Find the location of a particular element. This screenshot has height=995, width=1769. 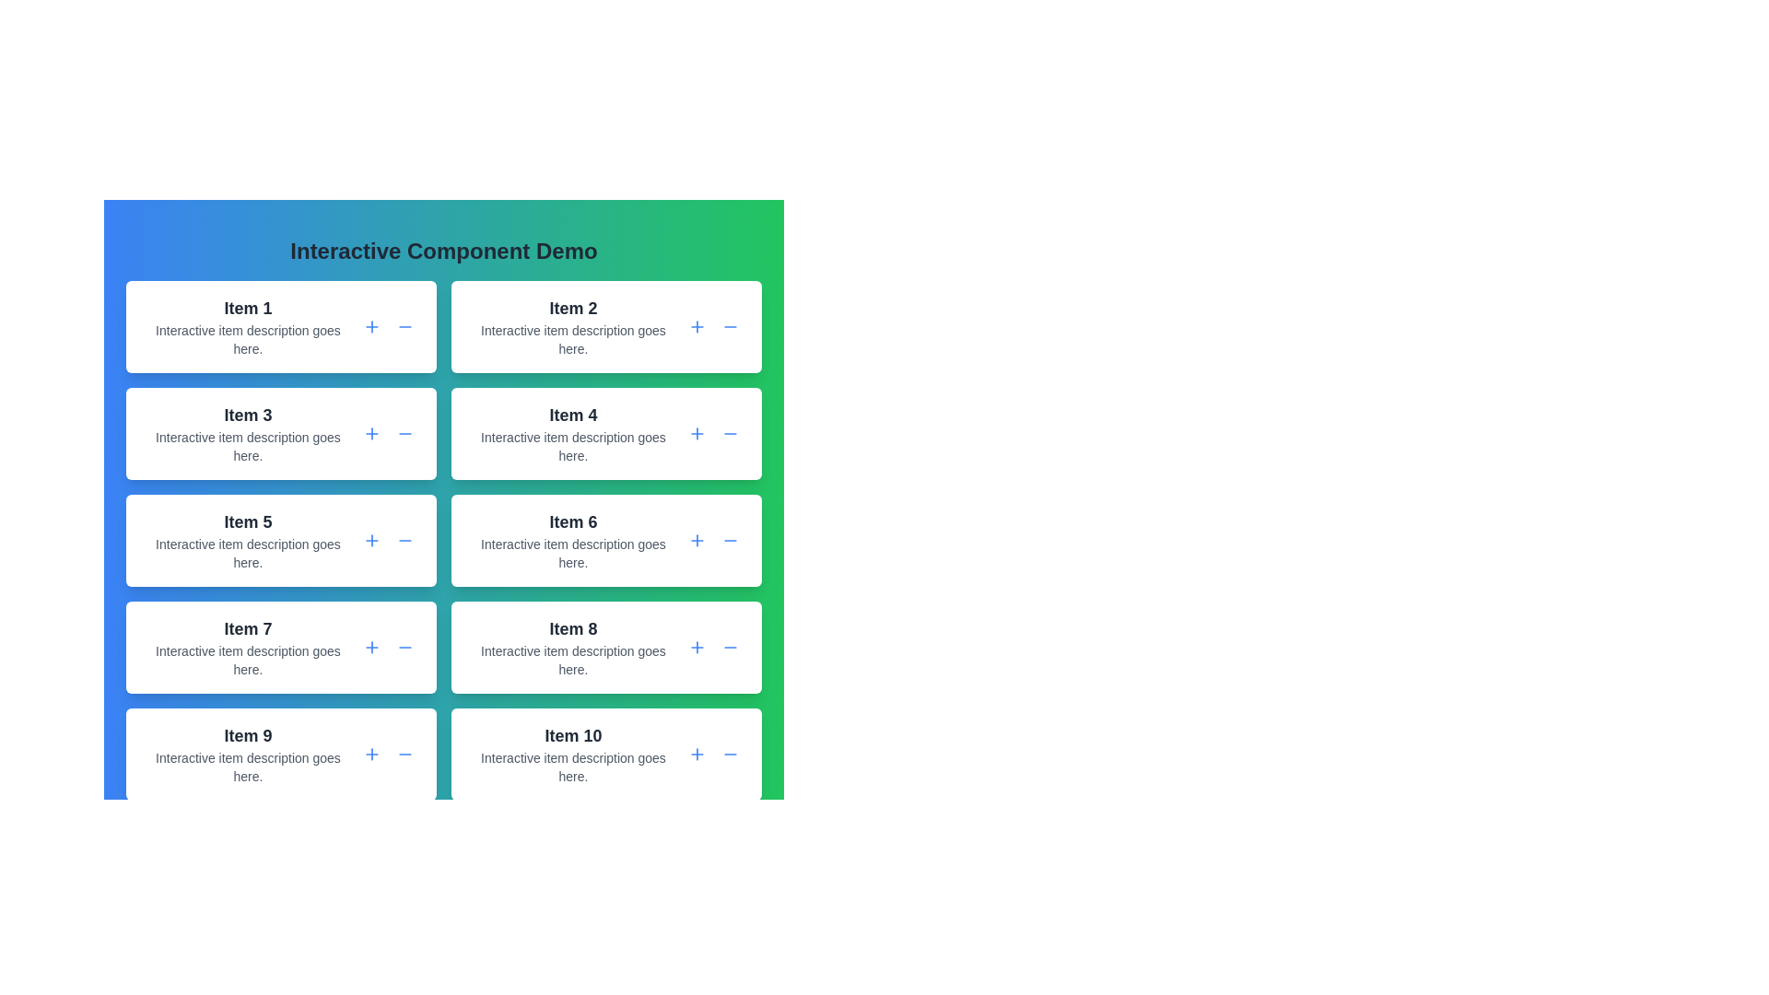

the 'Item 6' text label, which is displayed in bold and larger font as the title of the sixth card in a grid layout, to trigger a tooltip is located at coordinates (572, 522).